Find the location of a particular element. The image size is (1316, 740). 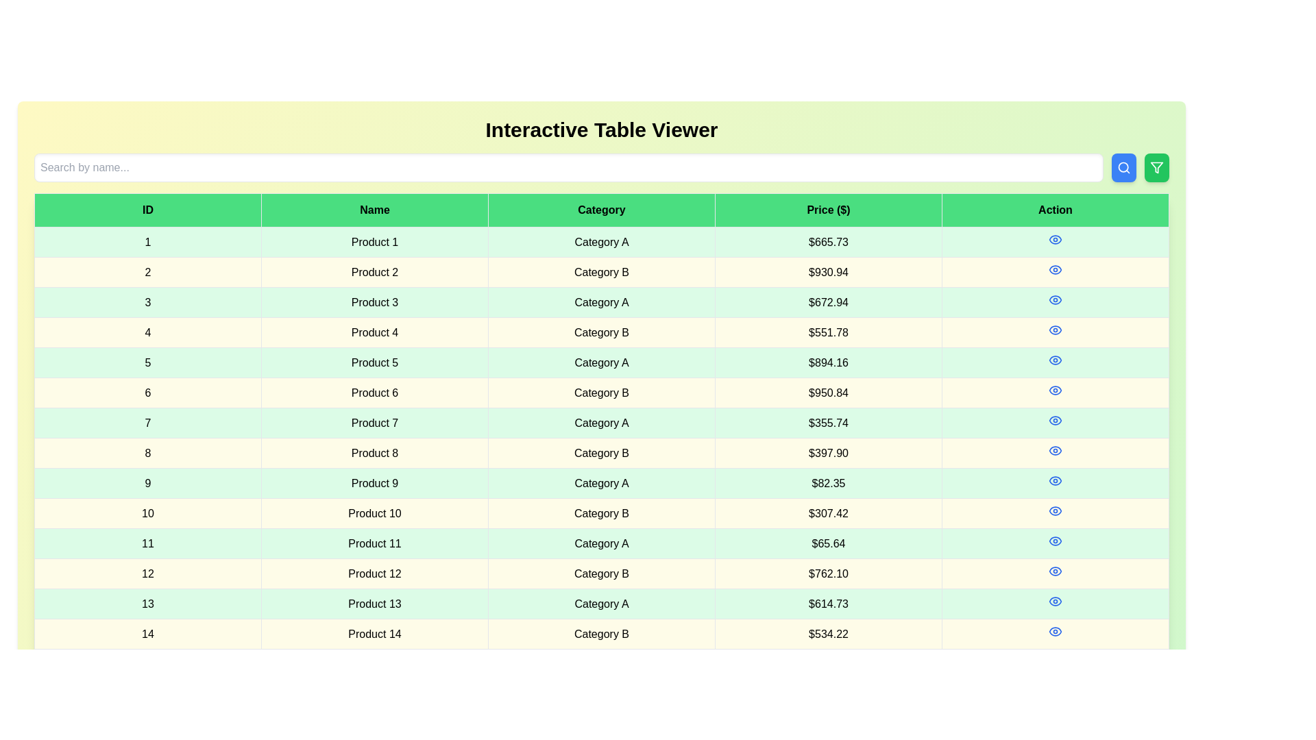

the column header Name to sort the table is located at coordinates (375, 210).